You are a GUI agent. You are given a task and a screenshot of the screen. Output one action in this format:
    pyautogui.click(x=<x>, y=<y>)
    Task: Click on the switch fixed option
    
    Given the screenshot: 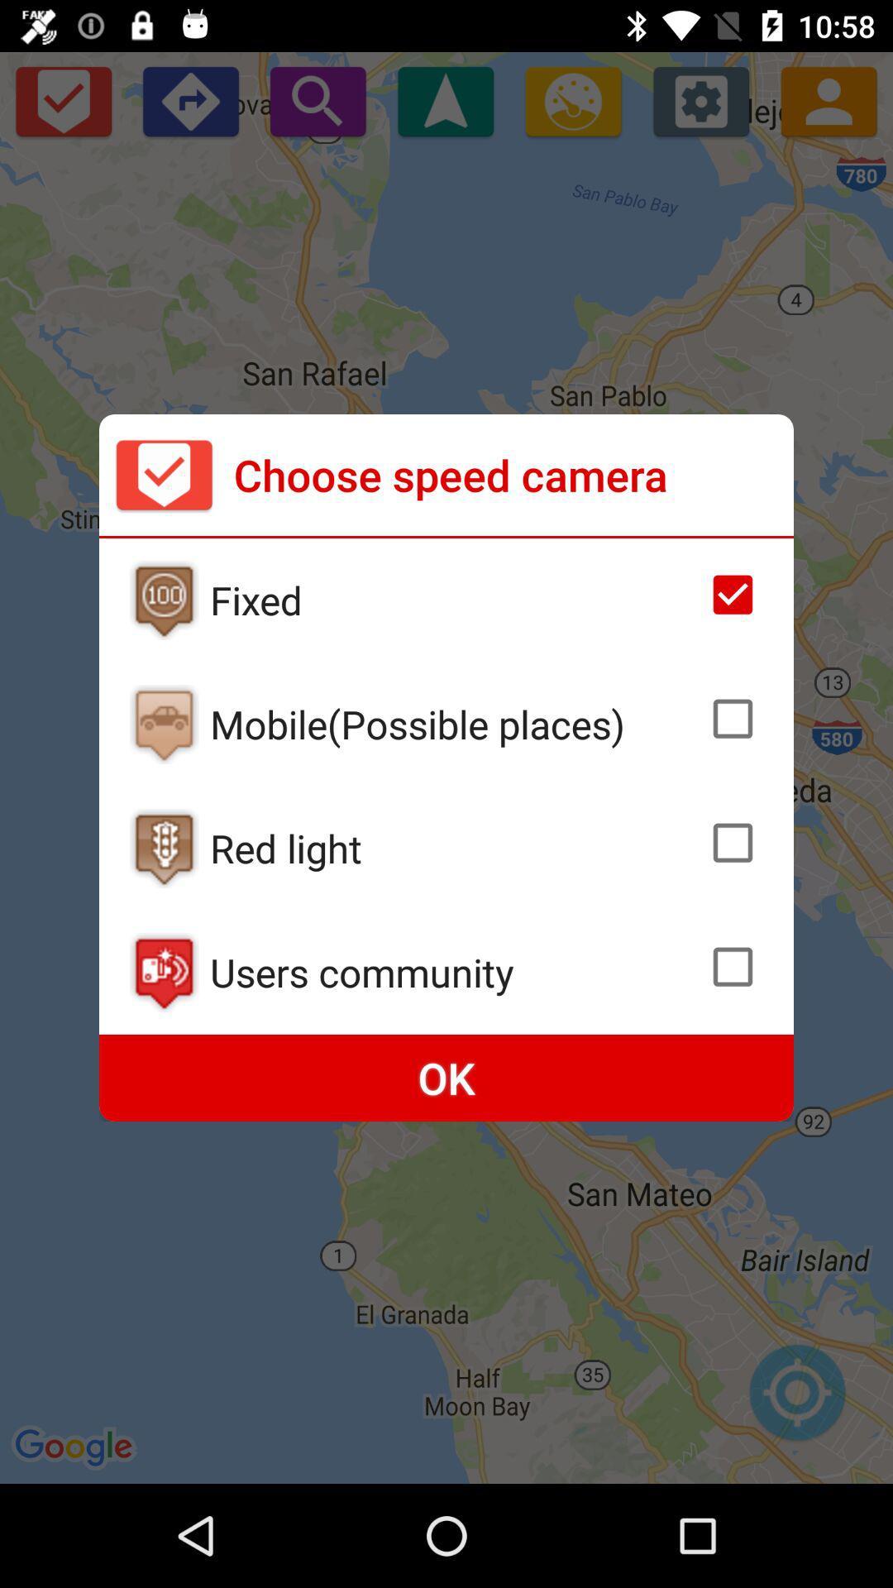 What is the action you would take?
    pyautogui.click(x=164, y=599)
    